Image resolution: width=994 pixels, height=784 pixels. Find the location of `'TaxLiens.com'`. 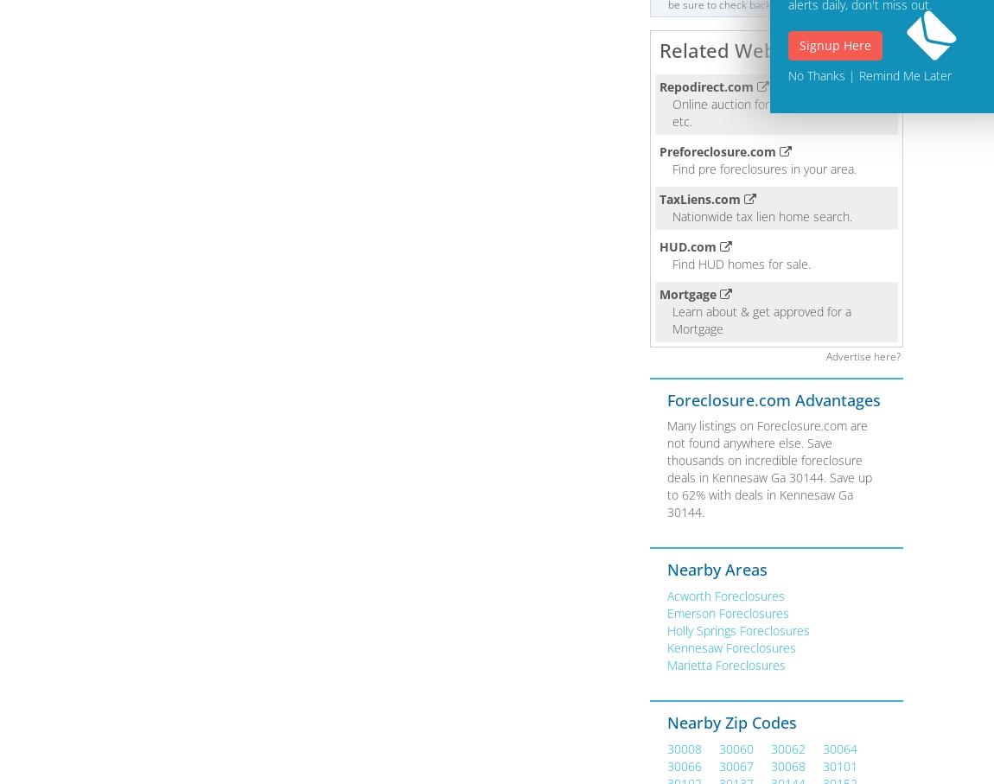

'TaxLiens.com' is located at coordinates (699, 198).